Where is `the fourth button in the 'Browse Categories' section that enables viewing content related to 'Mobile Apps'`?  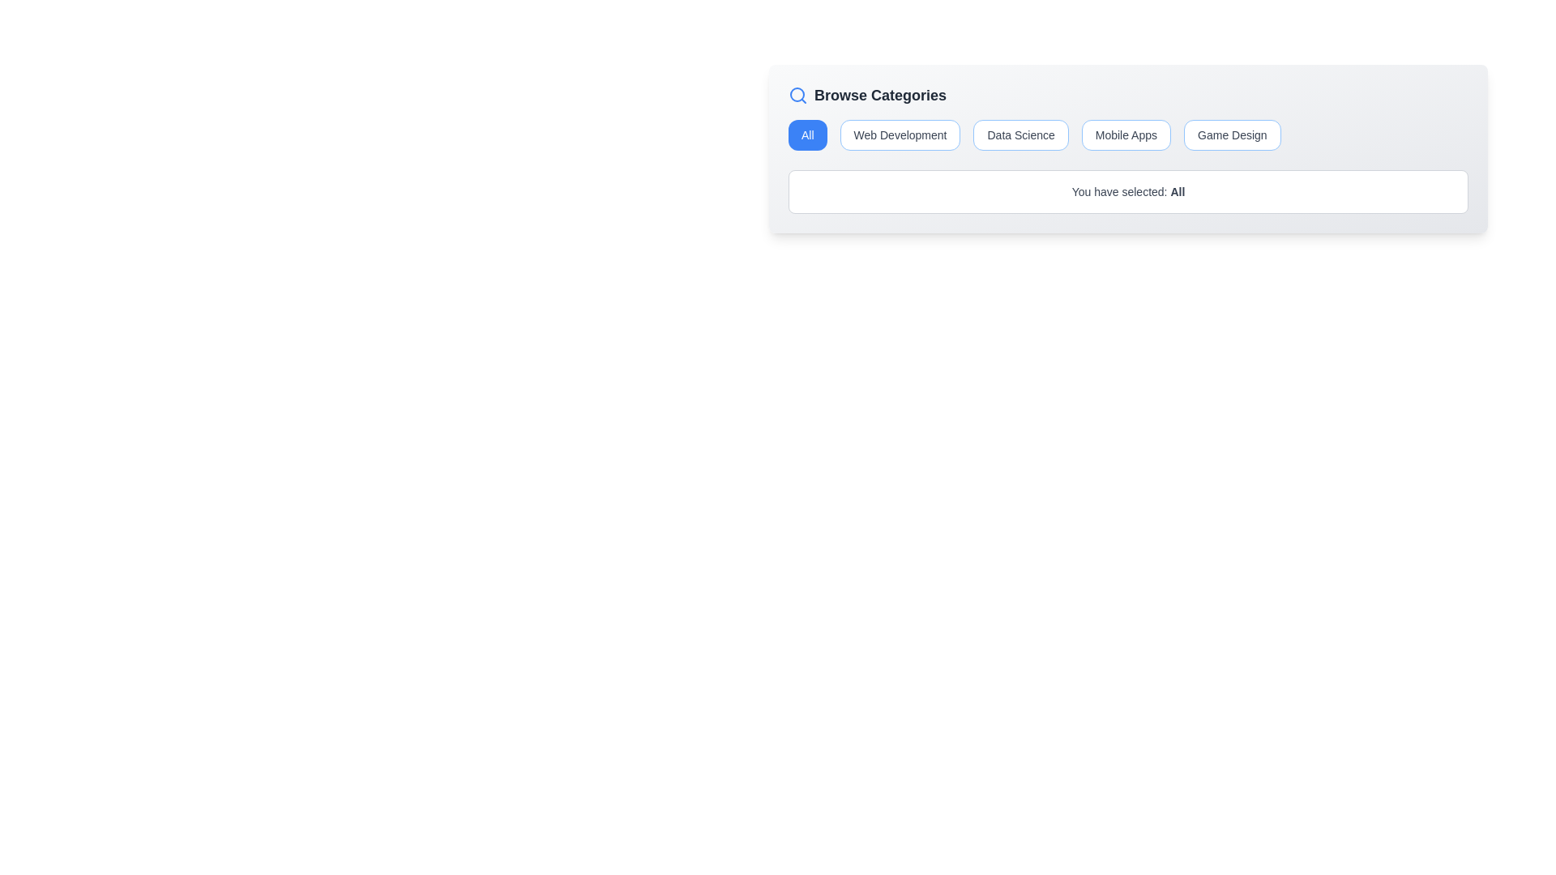
the fourth button in the 'Browse Categories' section that enables viewing content related to 'Mobile Apps' is located at coordinates (1127, 134).